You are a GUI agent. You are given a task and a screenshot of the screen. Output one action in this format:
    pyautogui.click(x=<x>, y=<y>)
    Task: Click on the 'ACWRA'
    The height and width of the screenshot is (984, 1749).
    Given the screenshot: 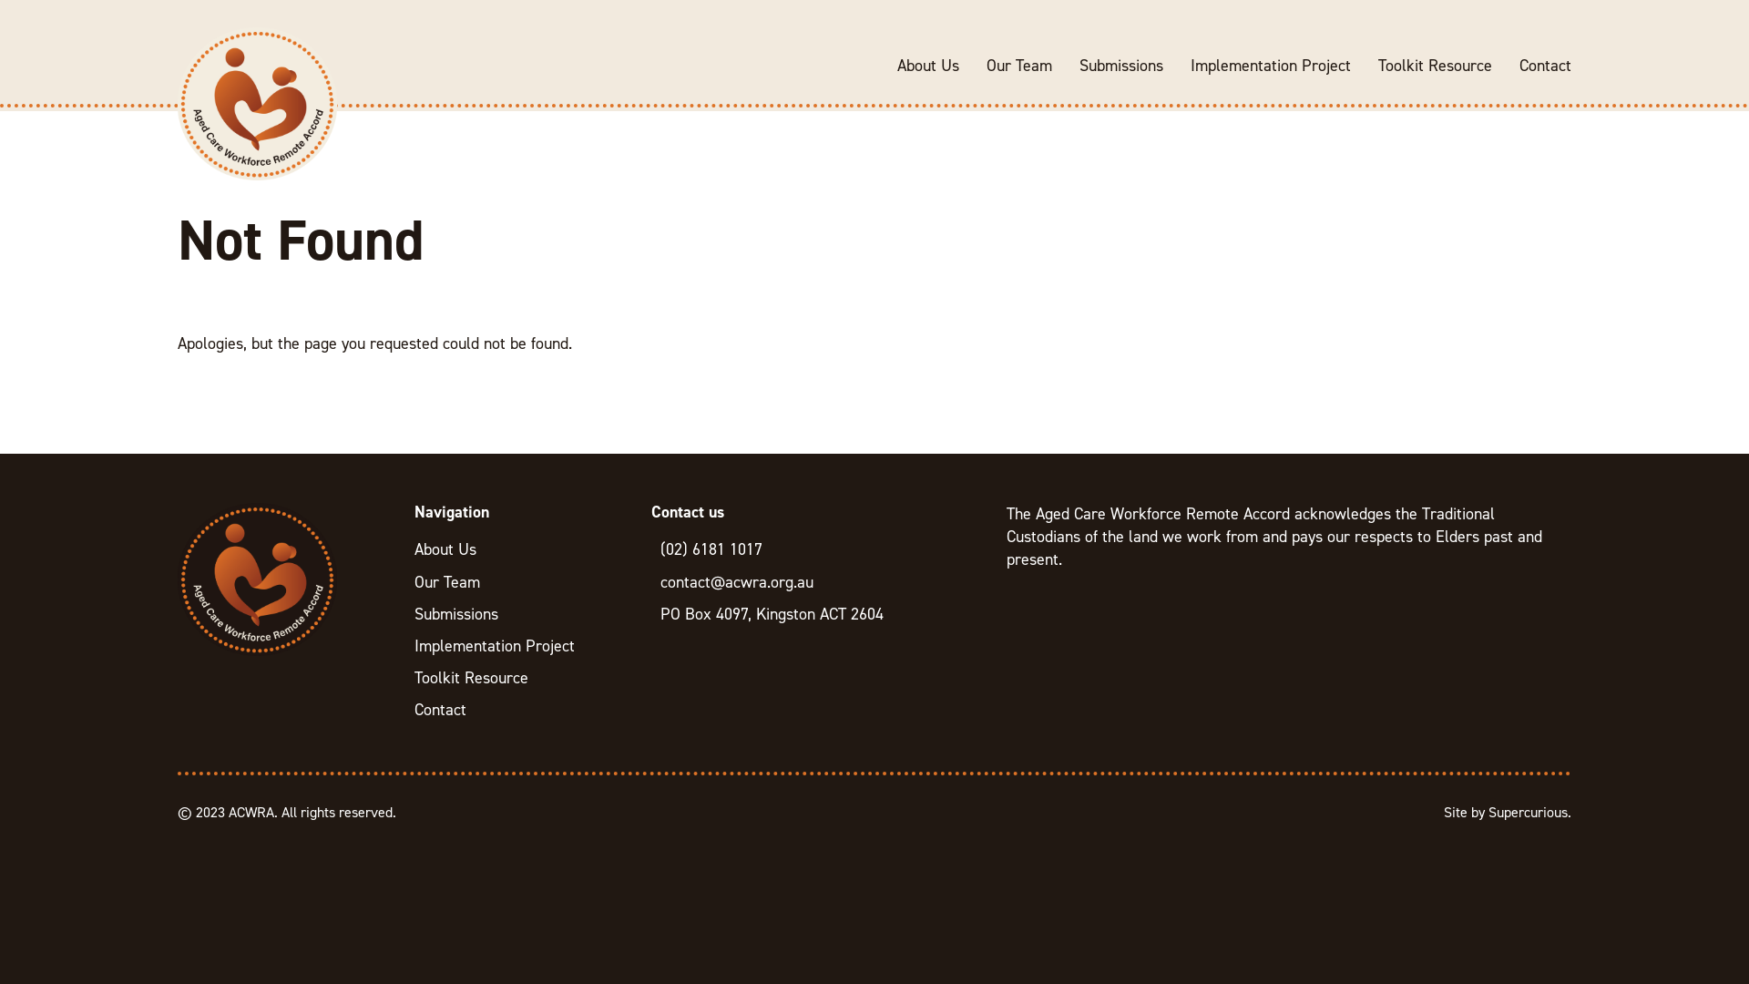 What is the action you would take?
    pyautogui.click(x=256, y=104)
    